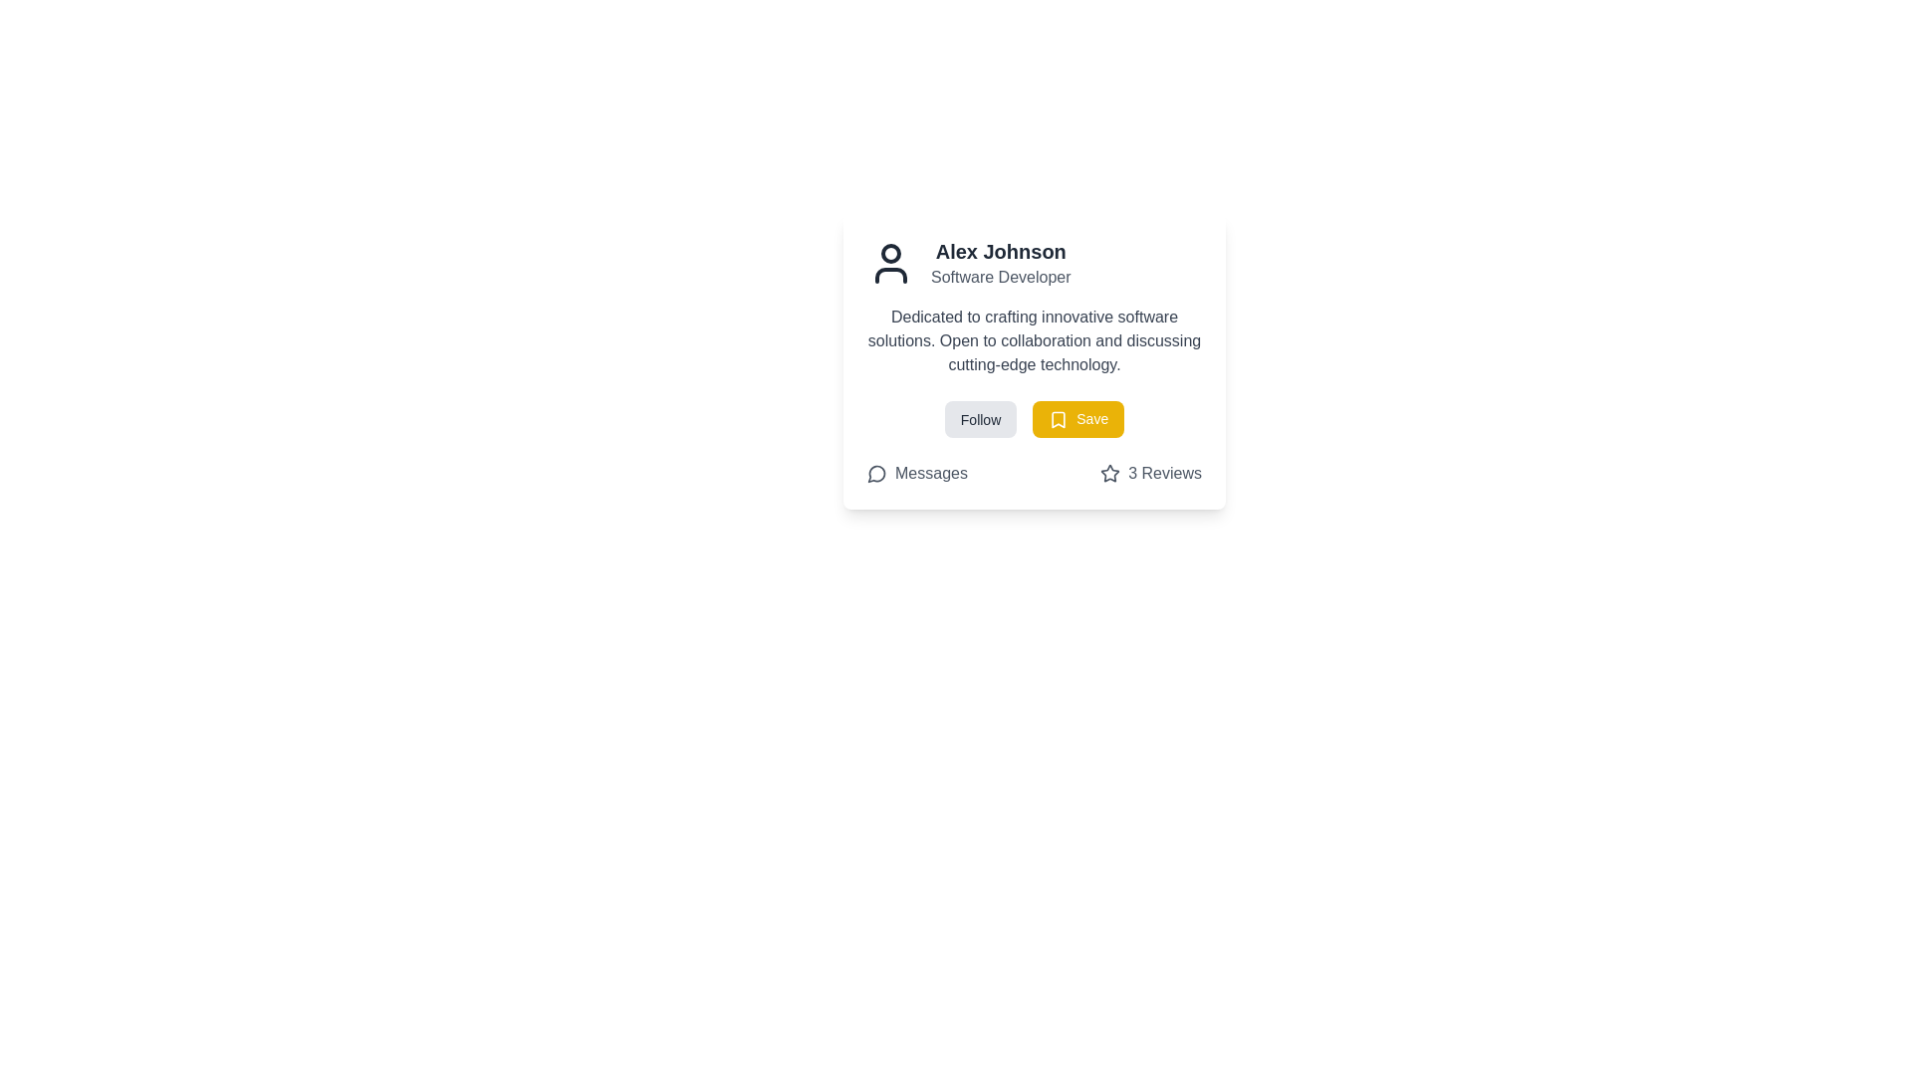 The image size is (1912, 1075). Describe the element at coordinates (1034, 340) in the screenshot. I see `the user profile description text block, which provides an overview of the individual's professional focus and interest areas, located below 'Alex Johnson' and 'Software Developer' and above the 'Follow' and 'Save' buttons` at that location.